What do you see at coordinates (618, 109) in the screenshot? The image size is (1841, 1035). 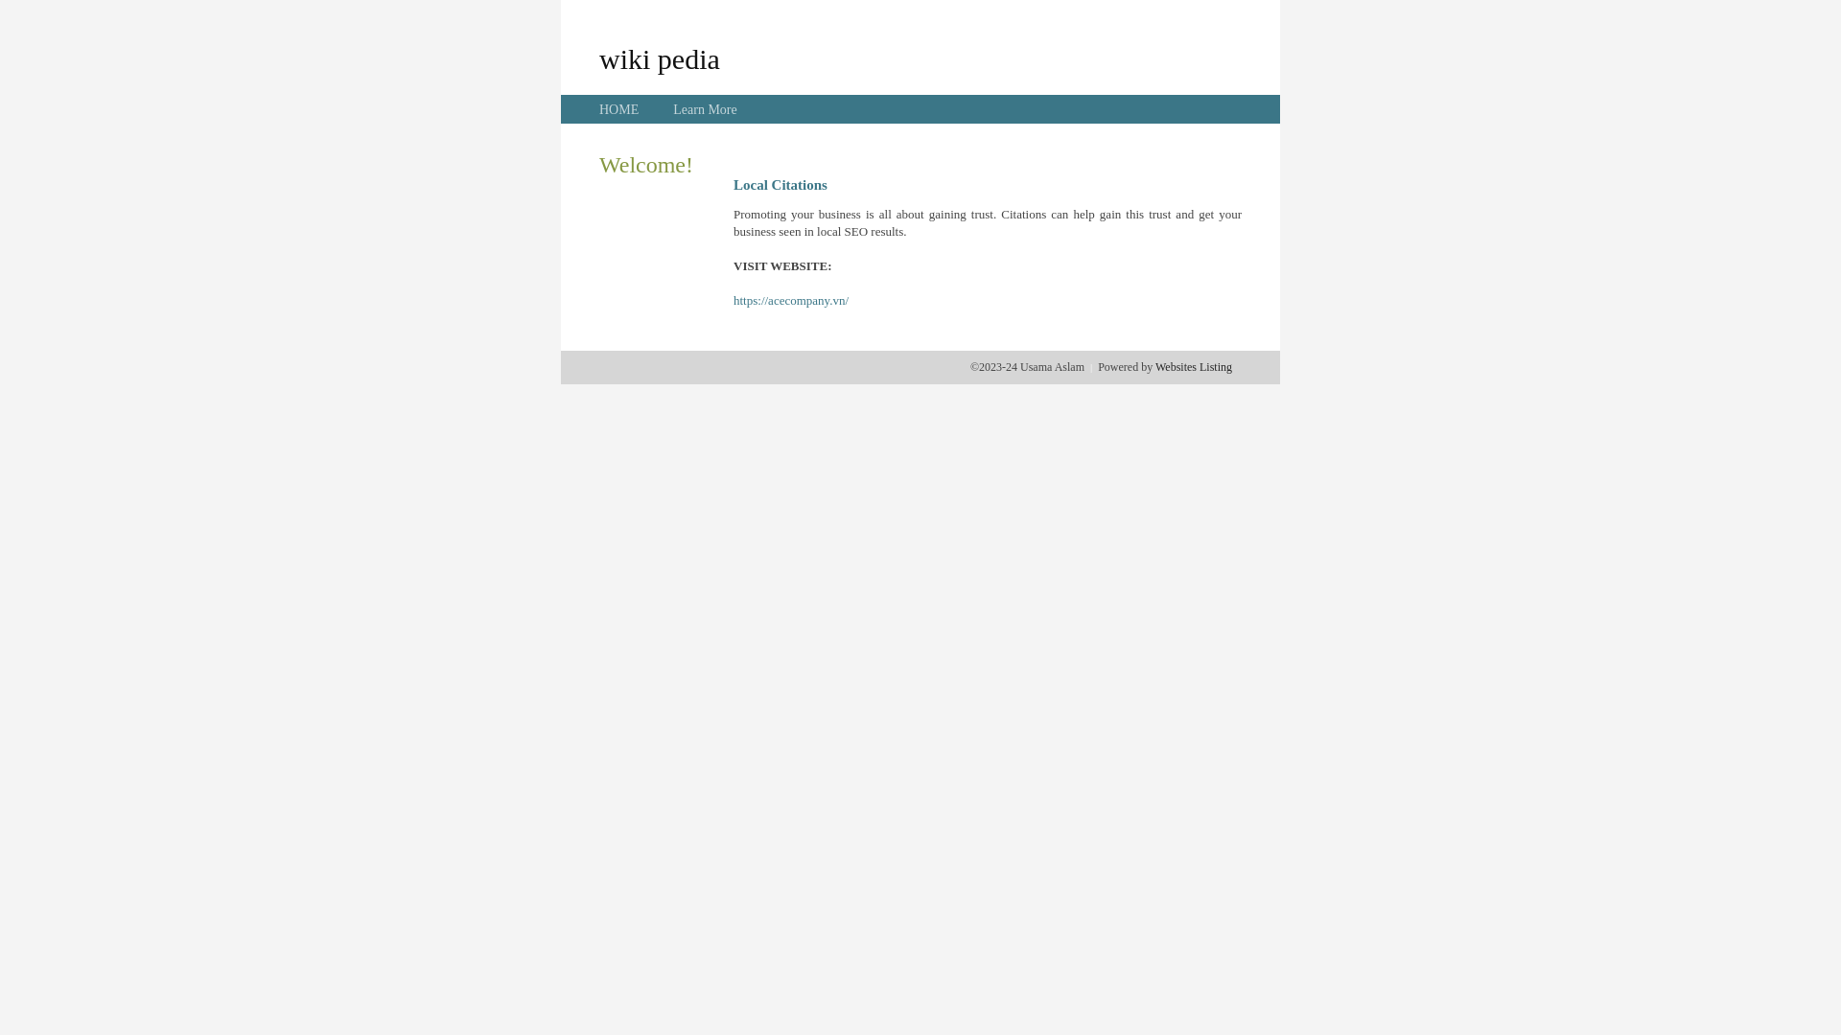 I see `'HOME'` at bounding box center [618, 109].